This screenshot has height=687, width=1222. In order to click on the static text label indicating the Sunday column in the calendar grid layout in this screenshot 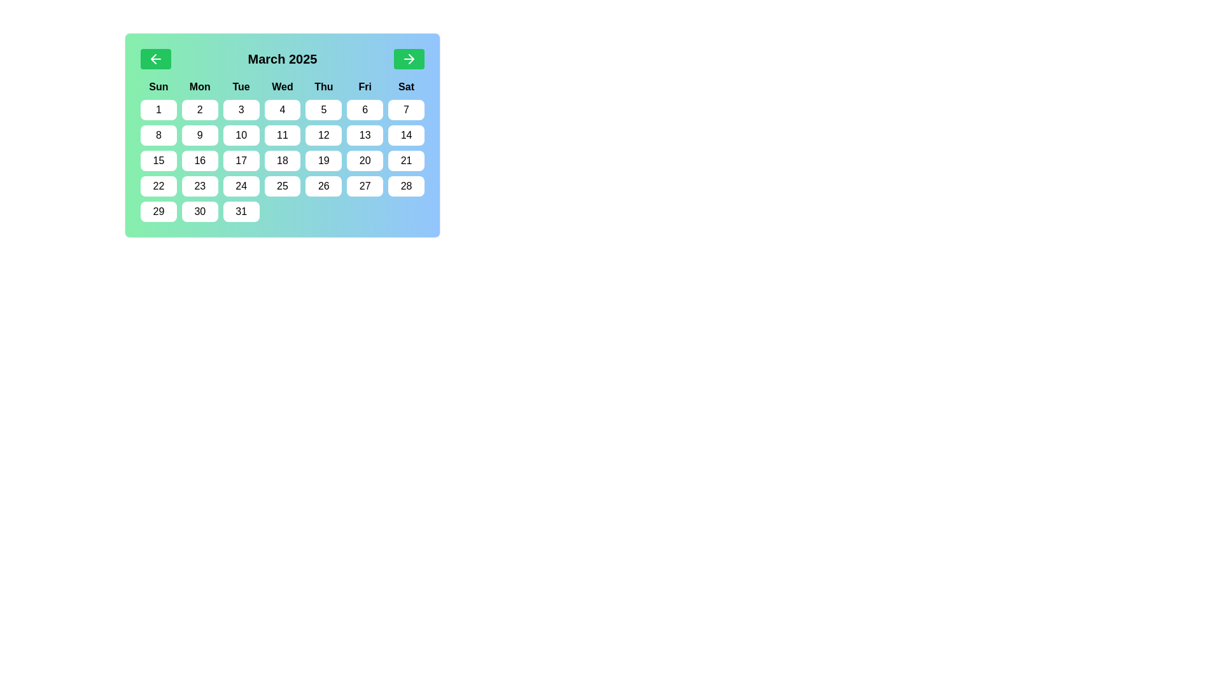, I will do `click(158, 87)`.